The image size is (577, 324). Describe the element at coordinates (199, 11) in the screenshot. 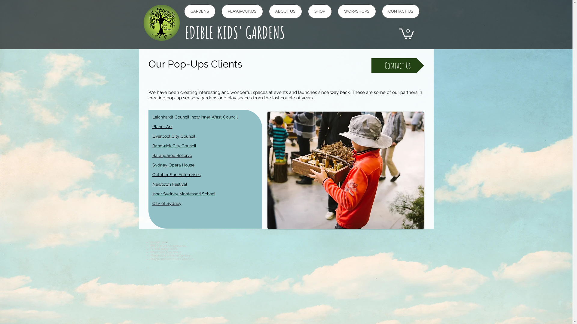

I see `'GARDENS'` at that location.